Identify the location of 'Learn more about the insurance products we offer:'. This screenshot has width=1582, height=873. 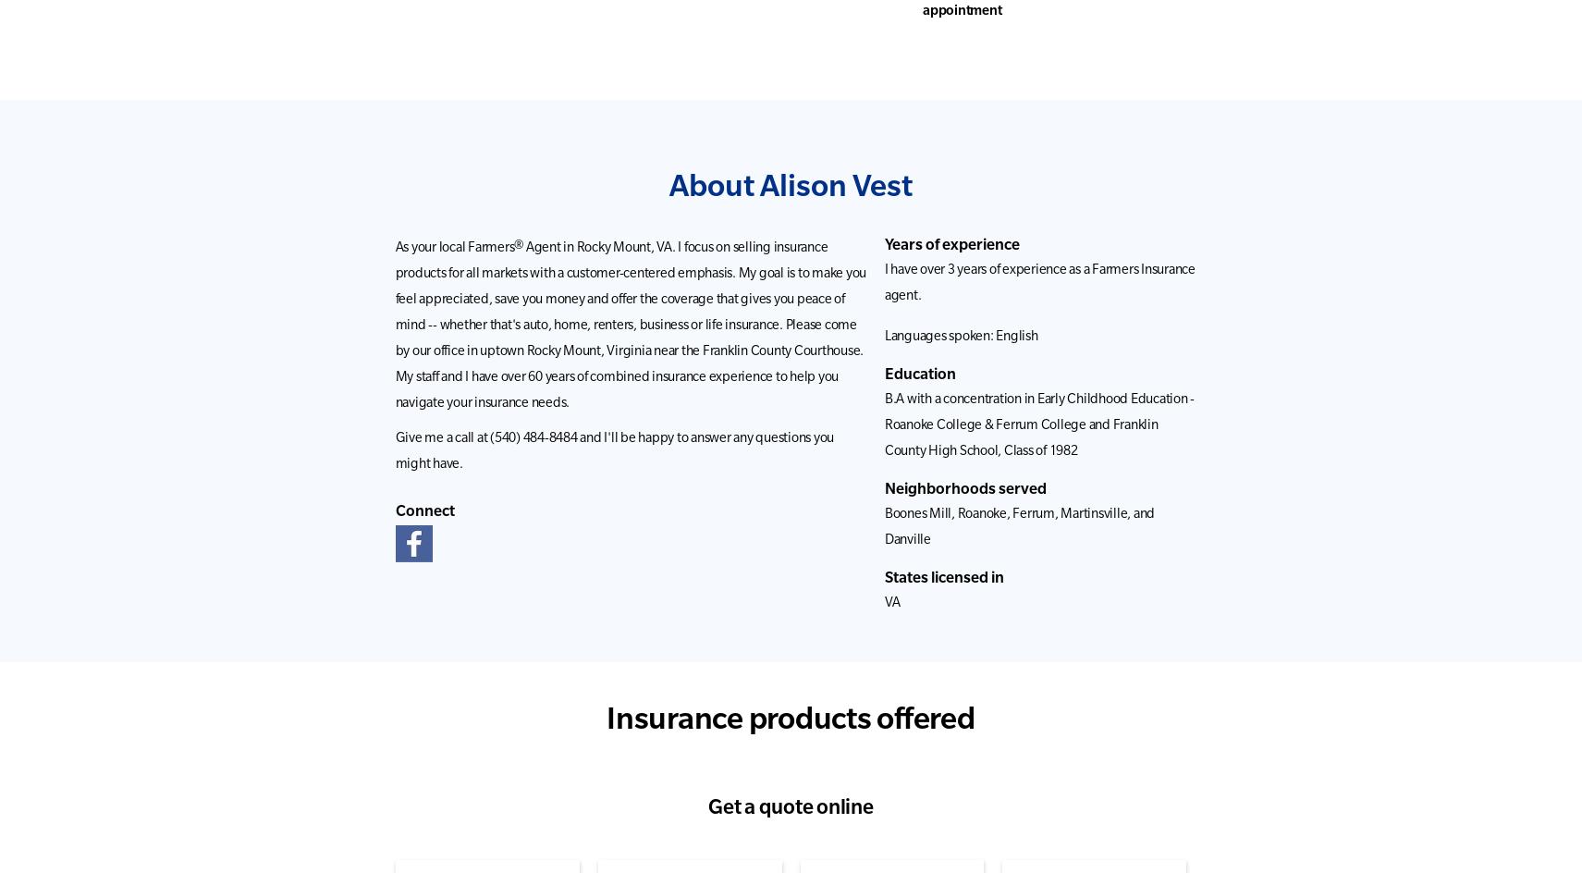
(574, 447).